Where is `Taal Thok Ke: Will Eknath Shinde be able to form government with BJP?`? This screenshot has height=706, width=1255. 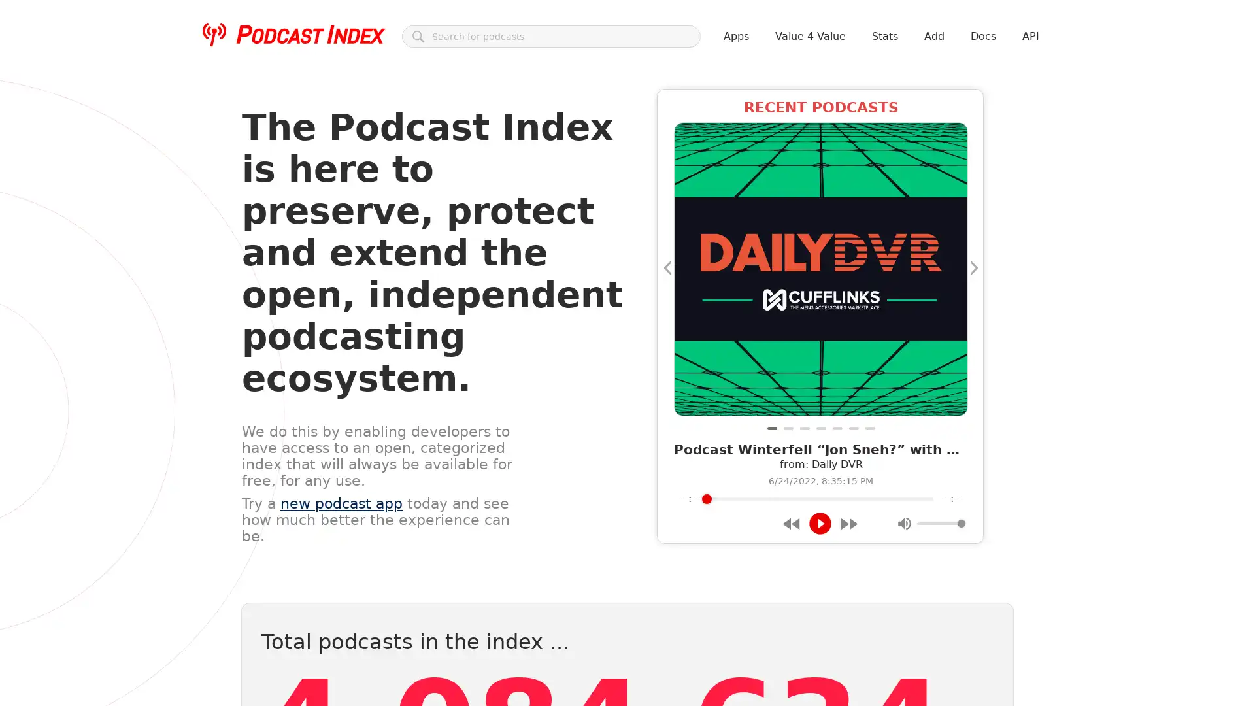 Taal Thok Ke: Will Eknath Shinde be able to form government with BJP? is located at coordinates (853, 428).